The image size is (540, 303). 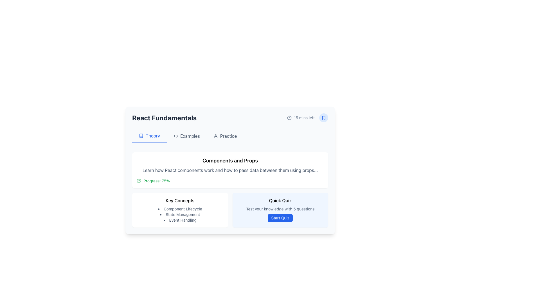 What do you see at coordinates (230, 136) in the screenshot?
I see `the Tab Navigation element located below the title 'React Fundamentals'` at bounding box center [230, 136].